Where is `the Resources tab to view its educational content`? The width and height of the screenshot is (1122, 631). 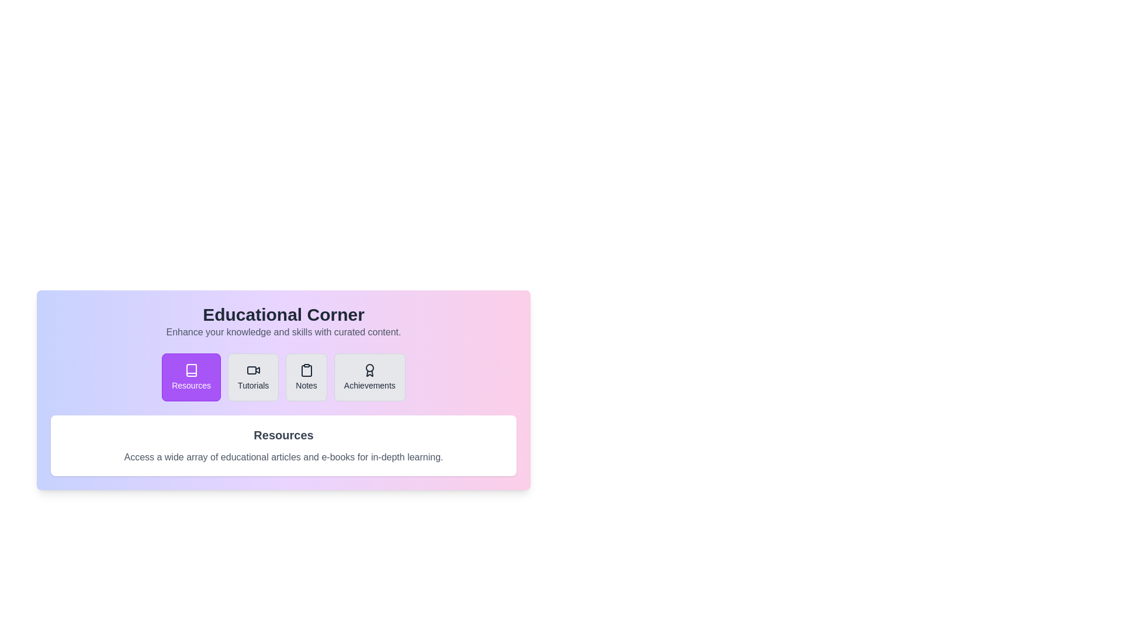
the Resources tab to view its educational content is located at coordinates (191, 377).